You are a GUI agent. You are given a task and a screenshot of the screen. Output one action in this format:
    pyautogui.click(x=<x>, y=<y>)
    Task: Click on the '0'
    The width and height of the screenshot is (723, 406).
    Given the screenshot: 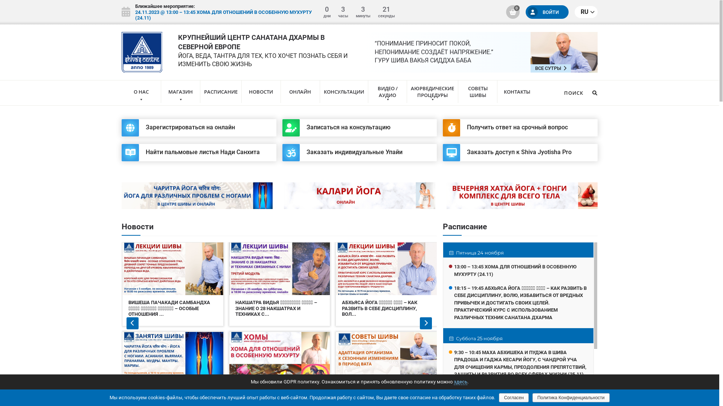 What is the action you would take?
    pyautogui.click(x=513, y=12)
    